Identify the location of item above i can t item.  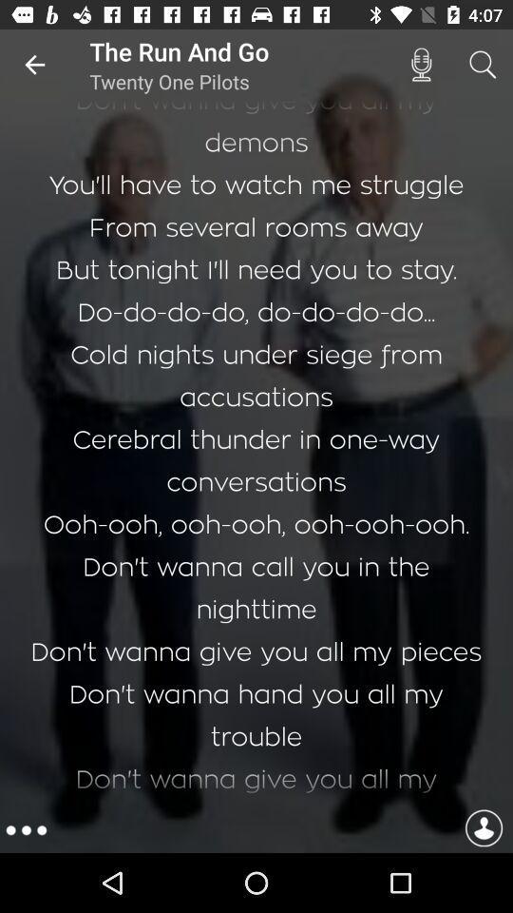
(421, 65).